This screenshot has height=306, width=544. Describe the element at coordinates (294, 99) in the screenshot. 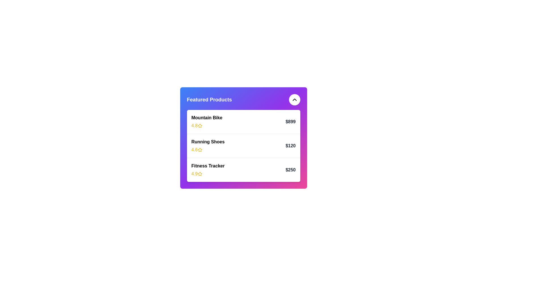

I see `the circular button with a white background and a black upward-facing chevron icon, located in the 'Featured Products' section` at that location.